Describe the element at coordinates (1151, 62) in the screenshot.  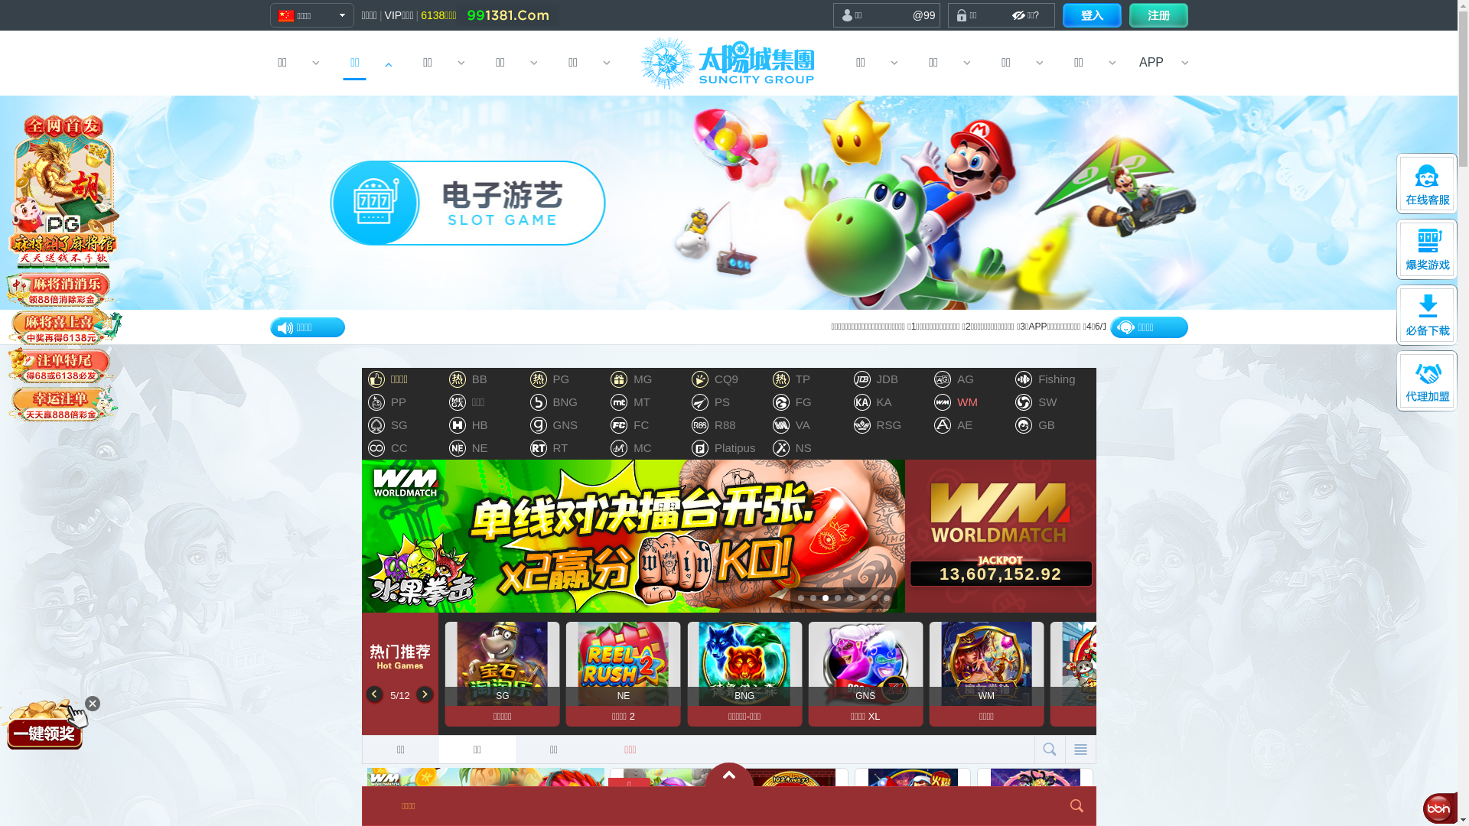
I see `'APP'` at that location.